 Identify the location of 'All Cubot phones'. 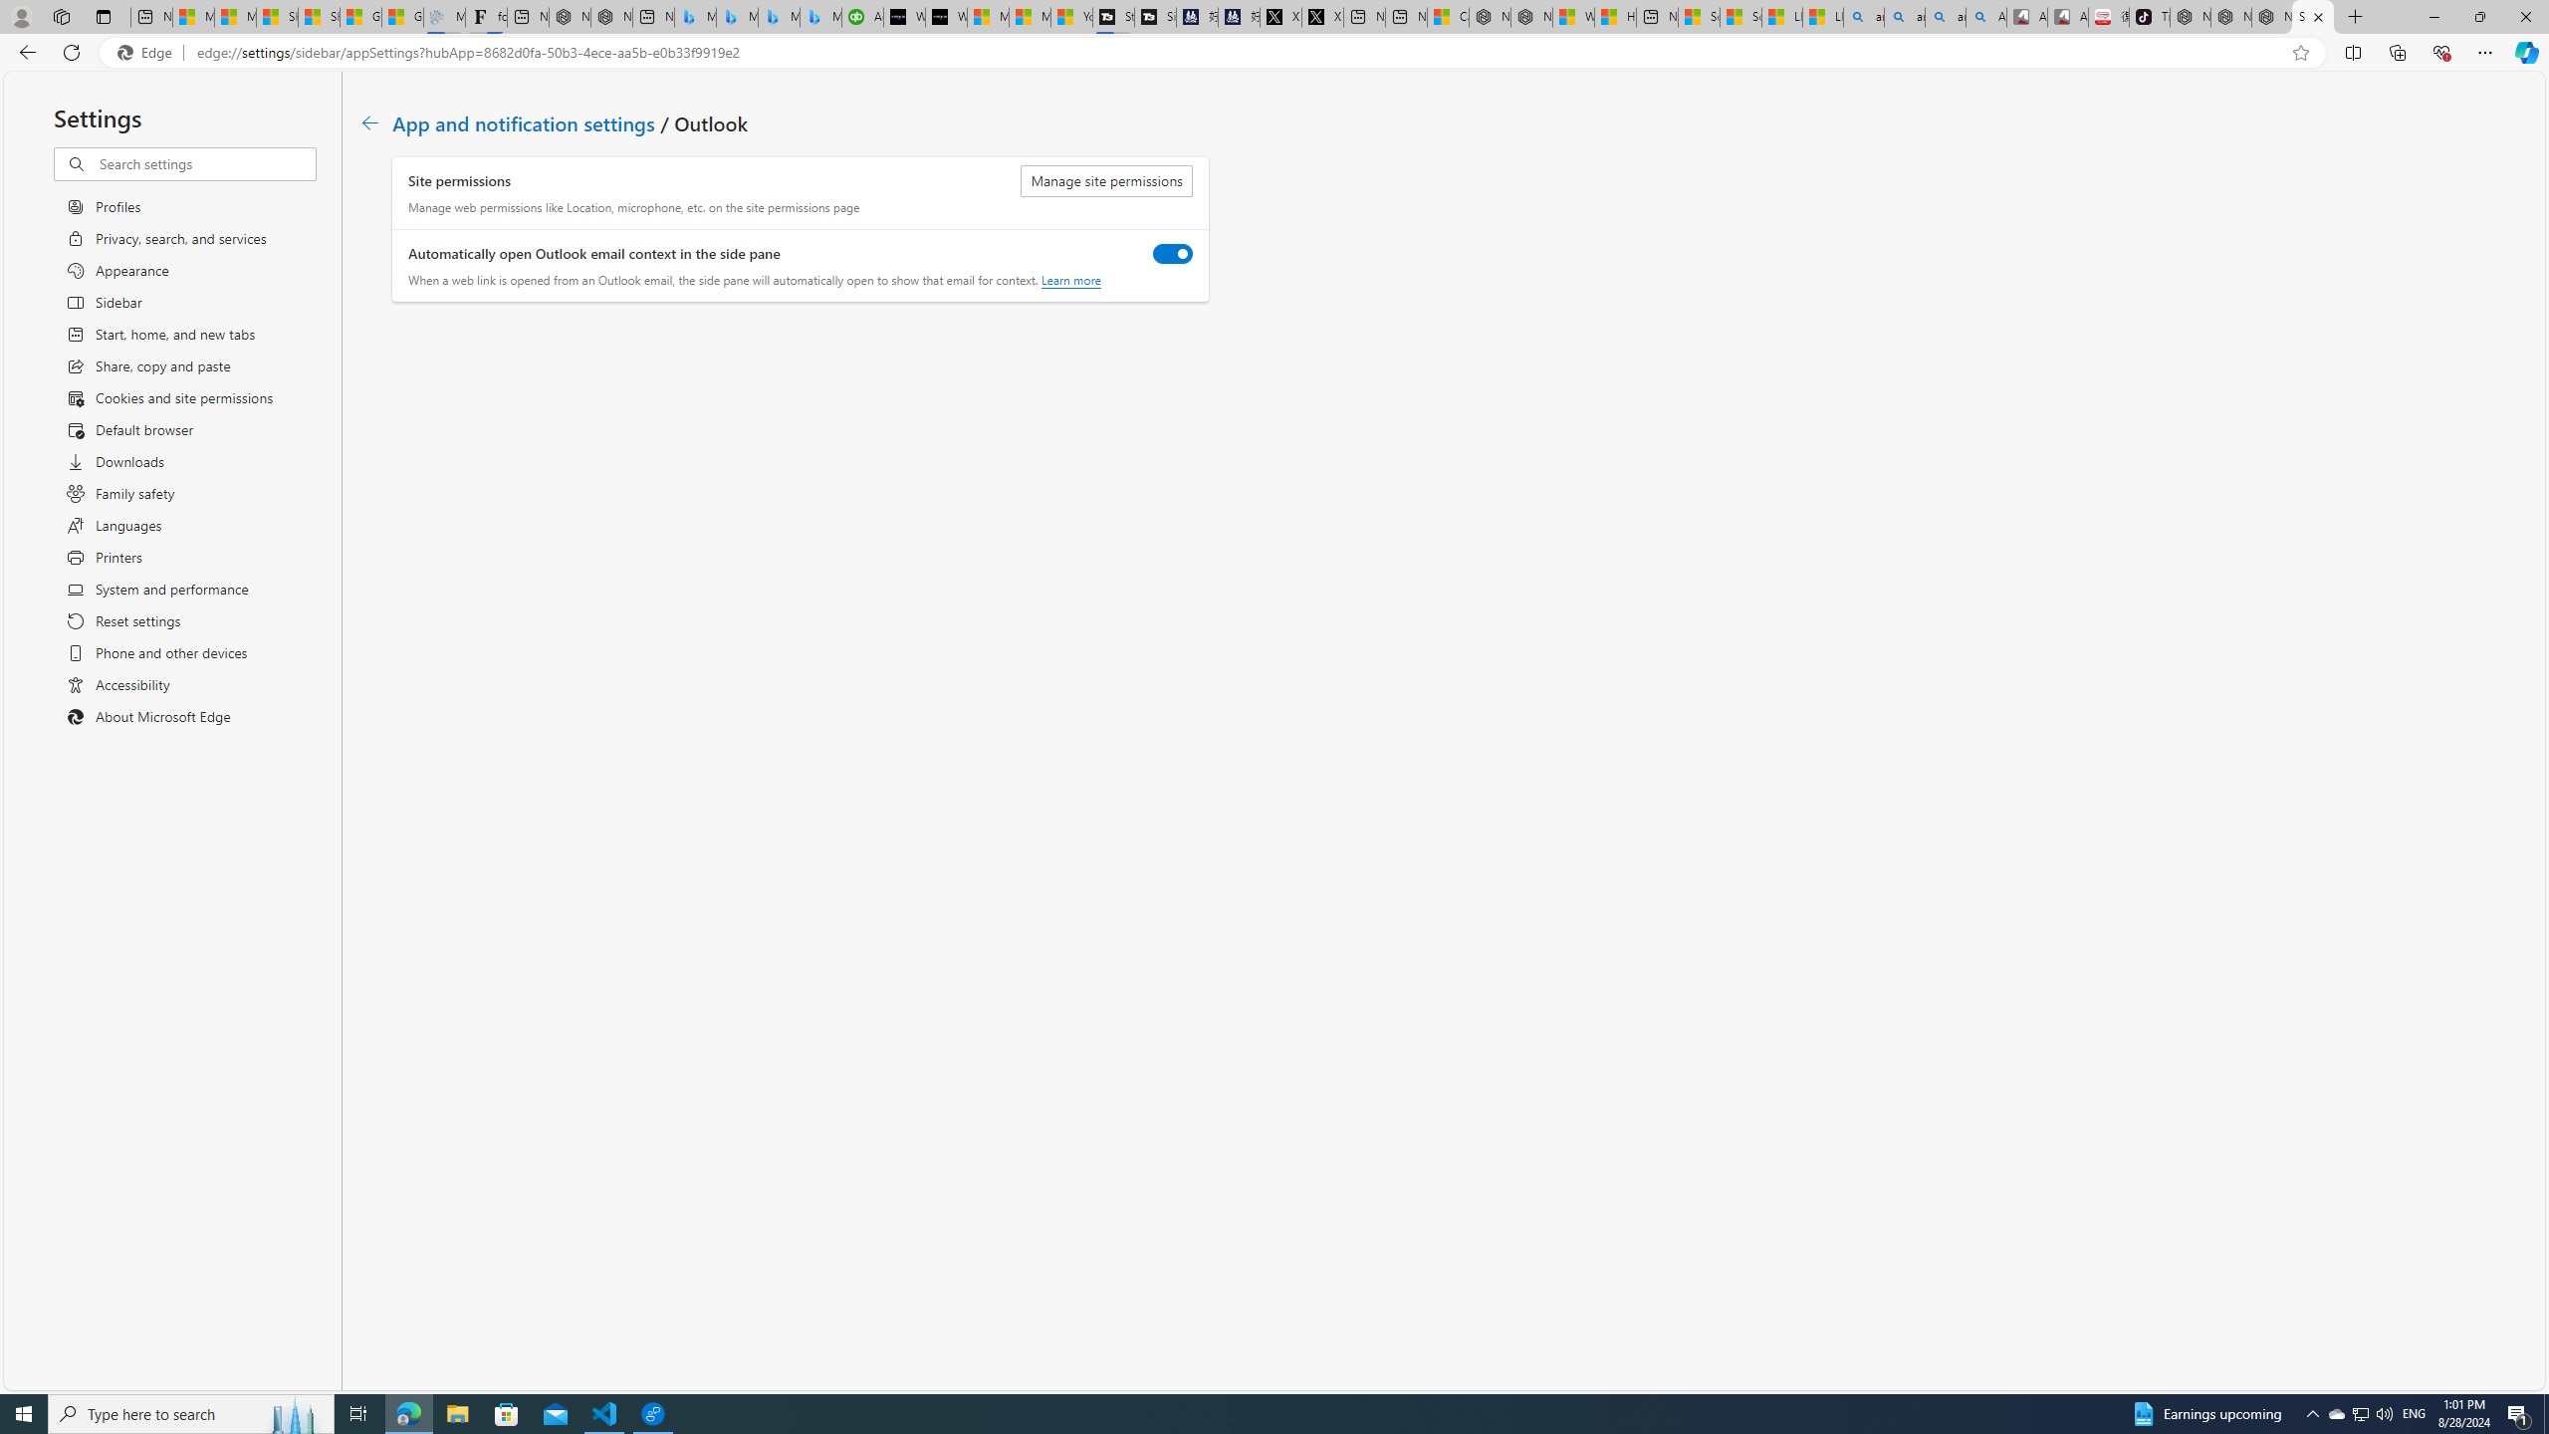
(2067, 16).